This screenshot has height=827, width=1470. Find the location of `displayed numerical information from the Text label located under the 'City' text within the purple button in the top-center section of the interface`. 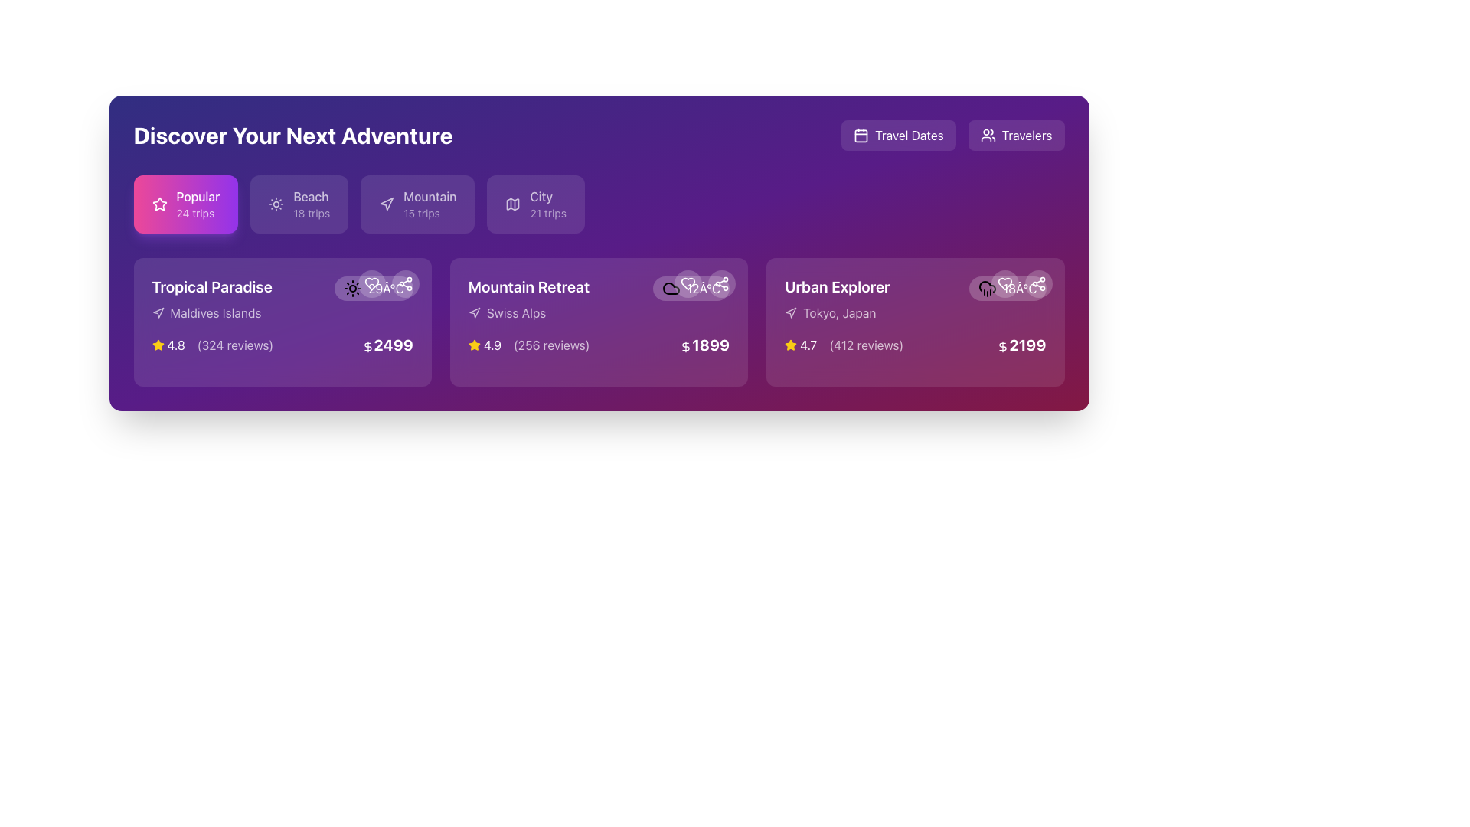

displayed numerical information from the Text label located under the 'City' text within the purple button in the top-center section of the interface is located at coordinates (548, 213).